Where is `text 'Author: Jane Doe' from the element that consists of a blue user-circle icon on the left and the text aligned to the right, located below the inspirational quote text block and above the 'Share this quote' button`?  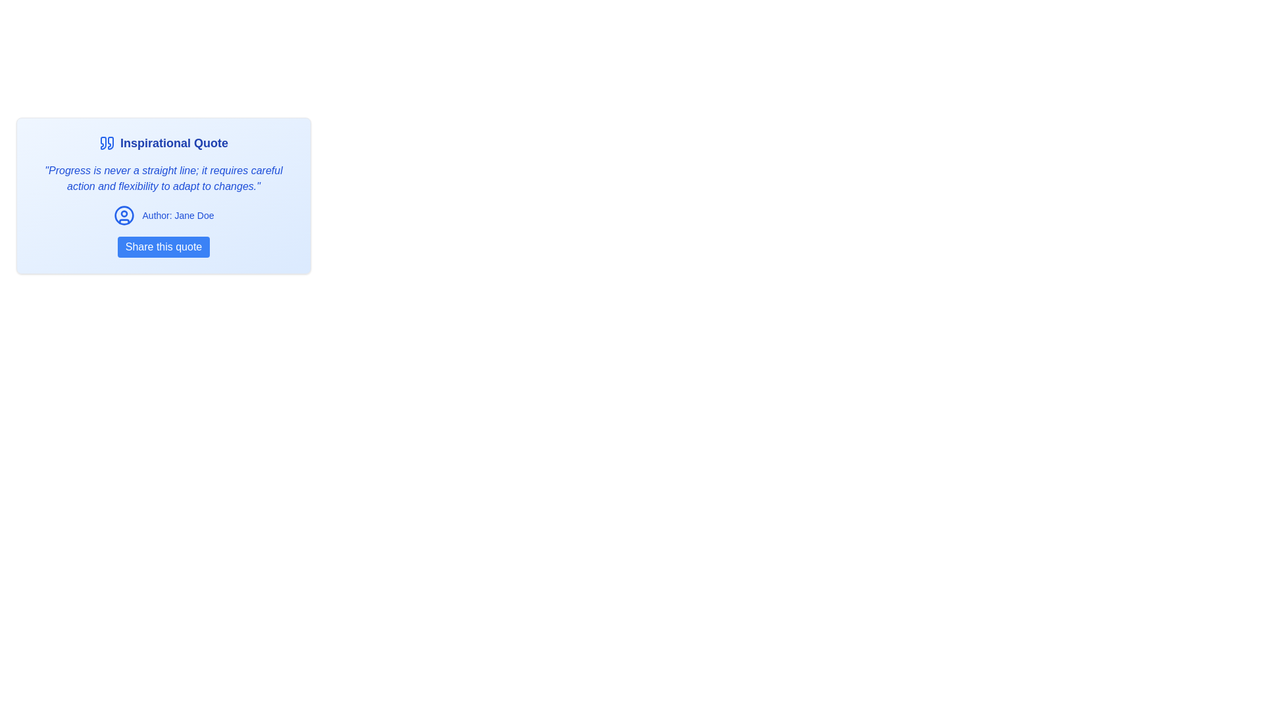
text 'Author: Jane Doe' from the element that consists of a blue user-circle icon on the left and the text aligned to the right, located below the inspirational quote text block and above the 'Share this quote' button is located at coordinates (163, 214).